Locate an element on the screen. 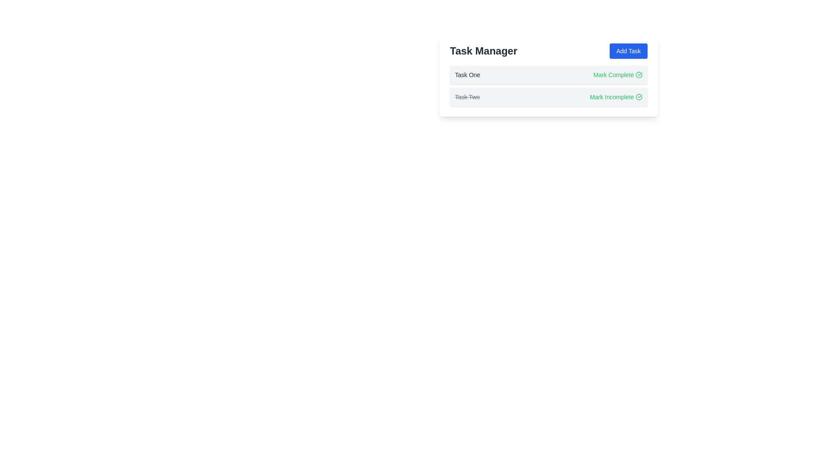  the completion status icon located in the top-right corner adjacent to the 'Mark Complete' text for 'Task One' to mark the task as complete is located at coordinates (639, 75).